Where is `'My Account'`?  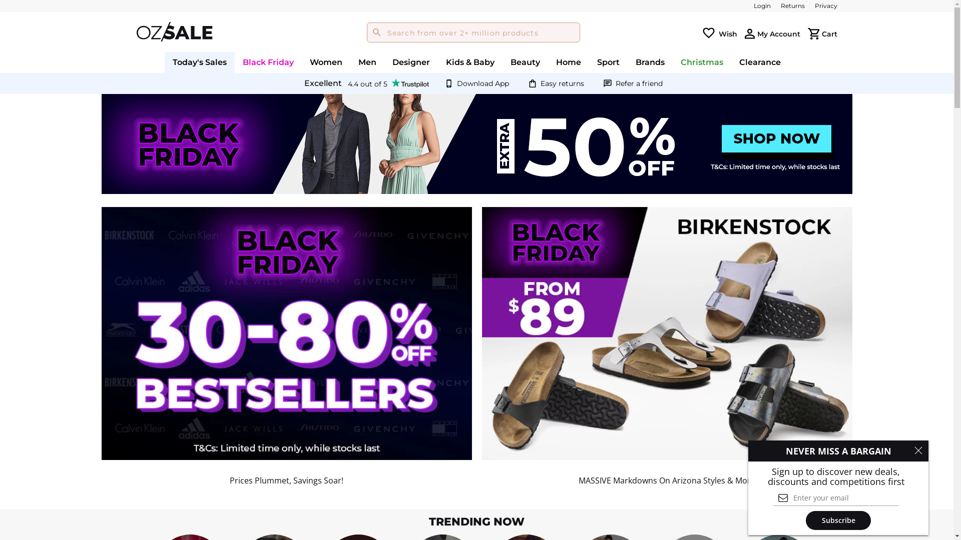 'My Account' is located at coordinates (778, 32).